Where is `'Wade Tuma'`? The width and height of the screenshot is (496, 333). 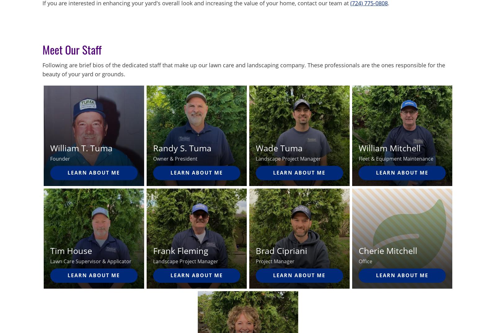
'Wade Tuma' is located at coordinates (279, 147).